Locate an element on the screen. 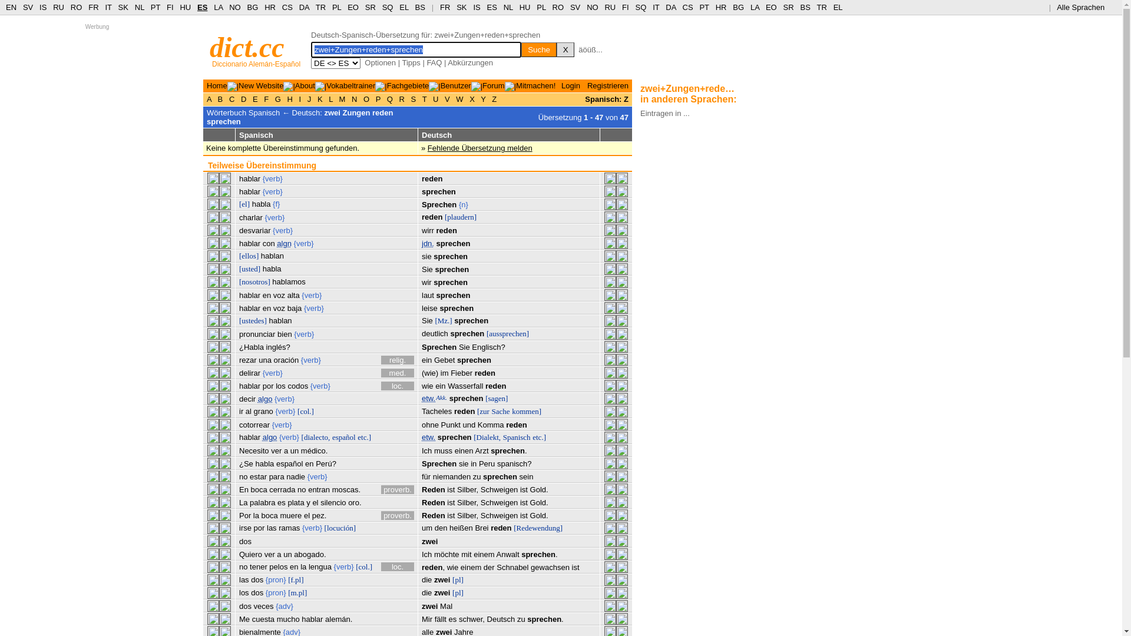 This screenshot has height=636, width=1131. '[f.pl]' is located at coordinates (296, 579).